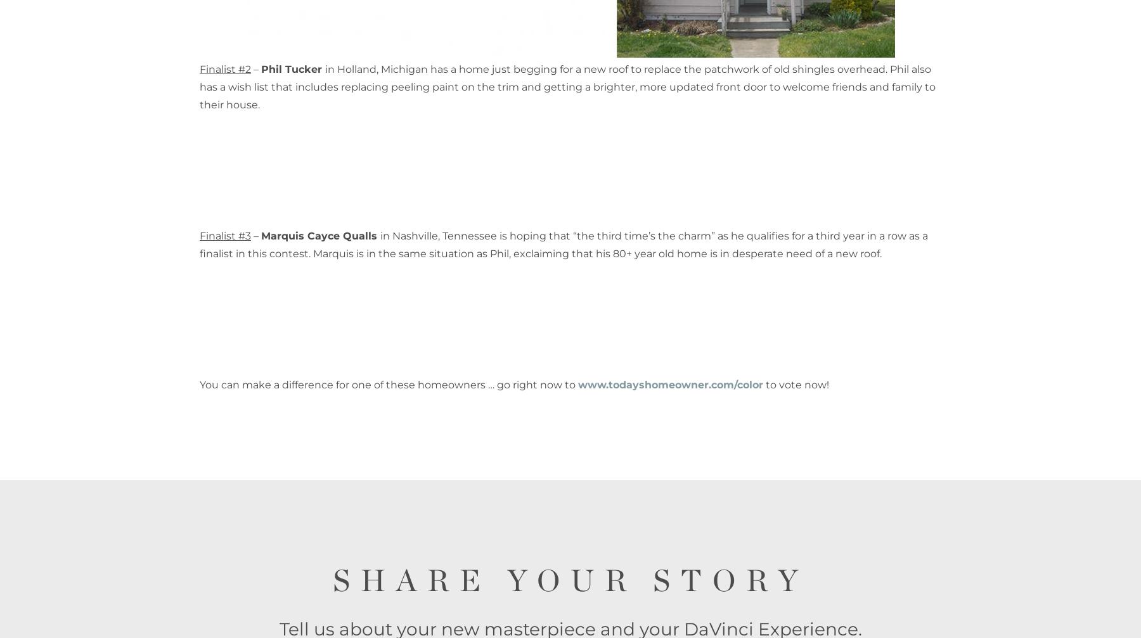 This screenshot has height=638, width=1141. What do you see at coordinates (671, 384) in the screenshot?
I see `'www.todayshomeowner.com/color'` at bounding box center [671, 384].